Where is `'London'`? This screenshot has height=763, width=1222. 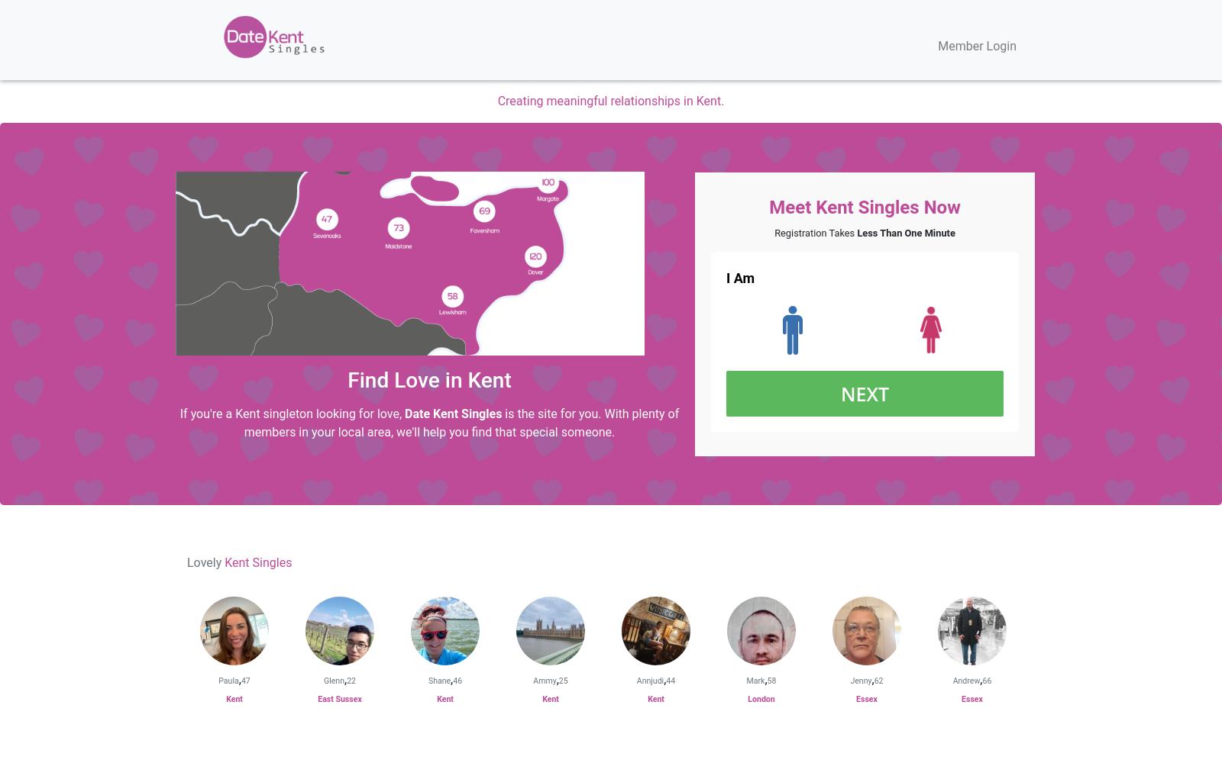 'London' is located at coordinates (747, 699).